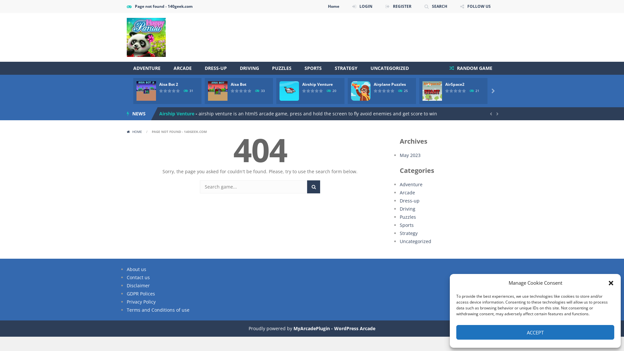 This screenshot has height=351, width=624. Describe the element at coordinates (390, 68) in the screenshot. I see `'UNCATEGORIZED'` at that location.